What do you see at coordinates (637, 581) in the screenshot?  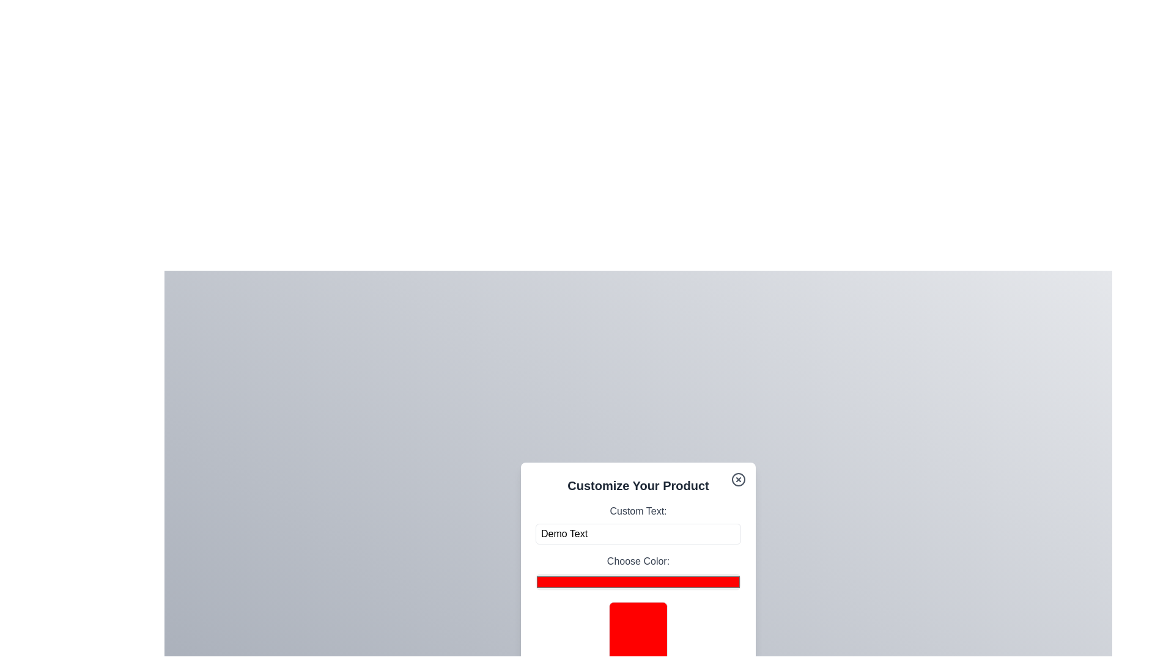 I see `the color picker to a specific color value 3105535` at bounding box center [637, 581].